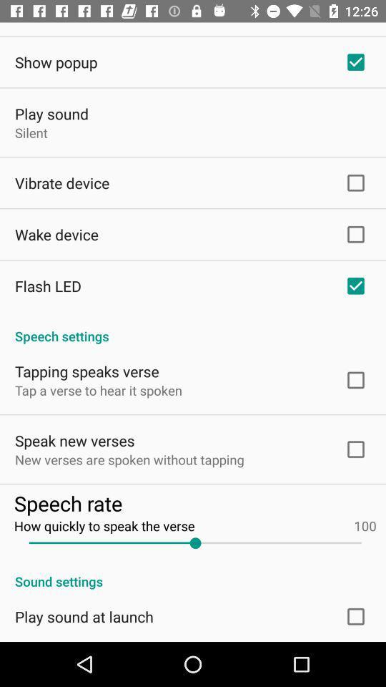 This screenshot has height=687, width=386. Describe the element at coordinates (194, 525) in the screenshot. I see `how quickly to app` at that location.